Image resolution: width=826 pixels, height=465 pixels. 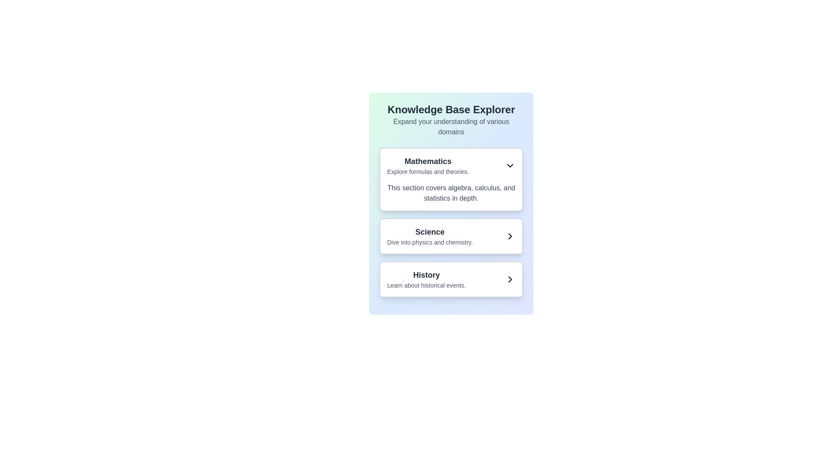 I want to click on the right-facing chevron arrow icon located at the far right of the 'Science' section within the card interface, so click(x=510, y=236).